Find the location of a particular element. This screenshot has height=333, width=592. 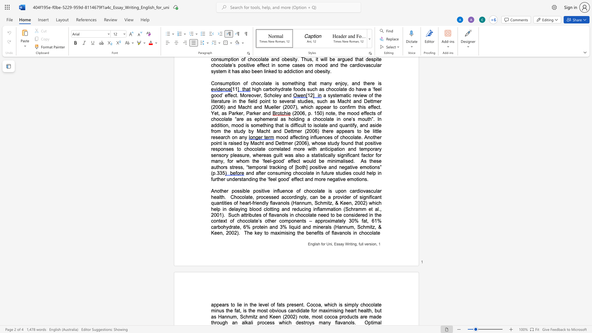

the space between the continuous character "d" and "u" in the text is located at coordinates (349, 317).